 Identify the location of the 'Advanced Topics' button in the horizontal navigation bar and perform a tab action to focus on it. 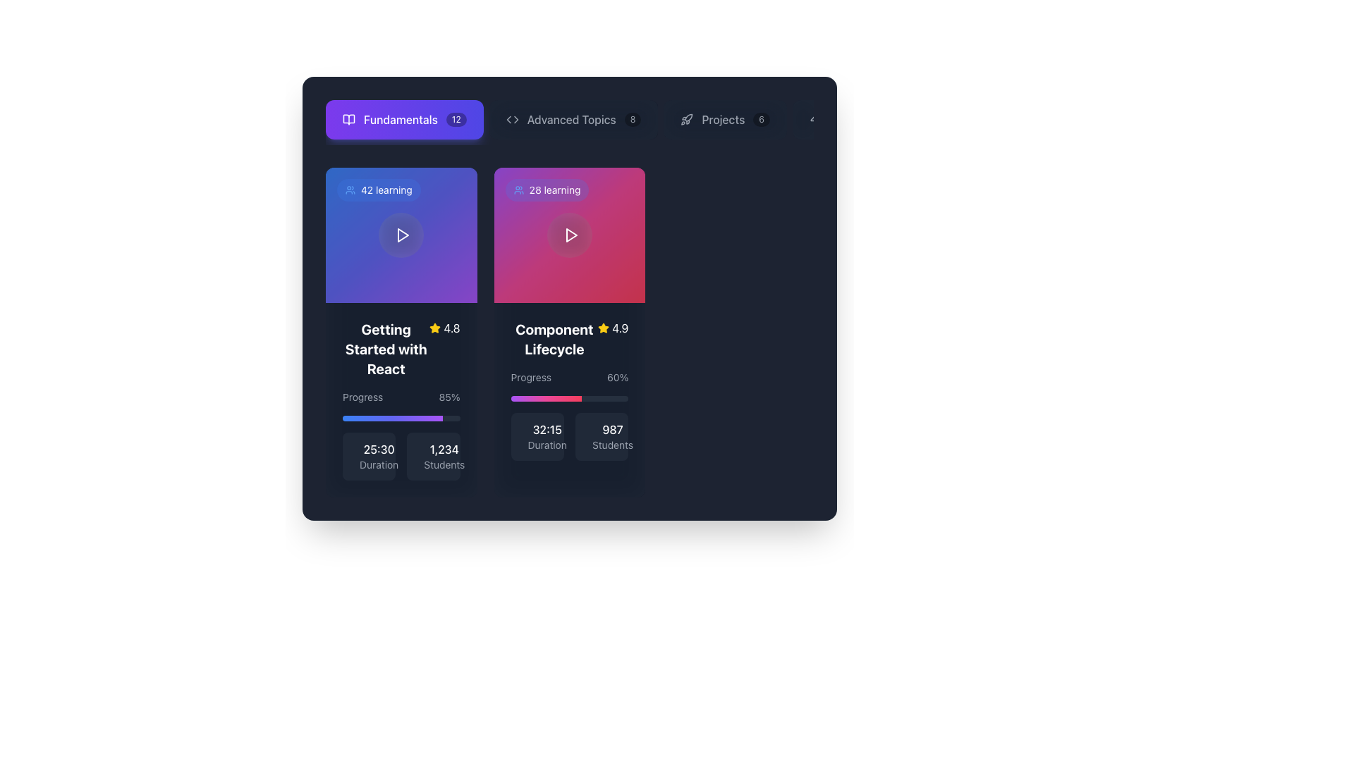
(569, 121).